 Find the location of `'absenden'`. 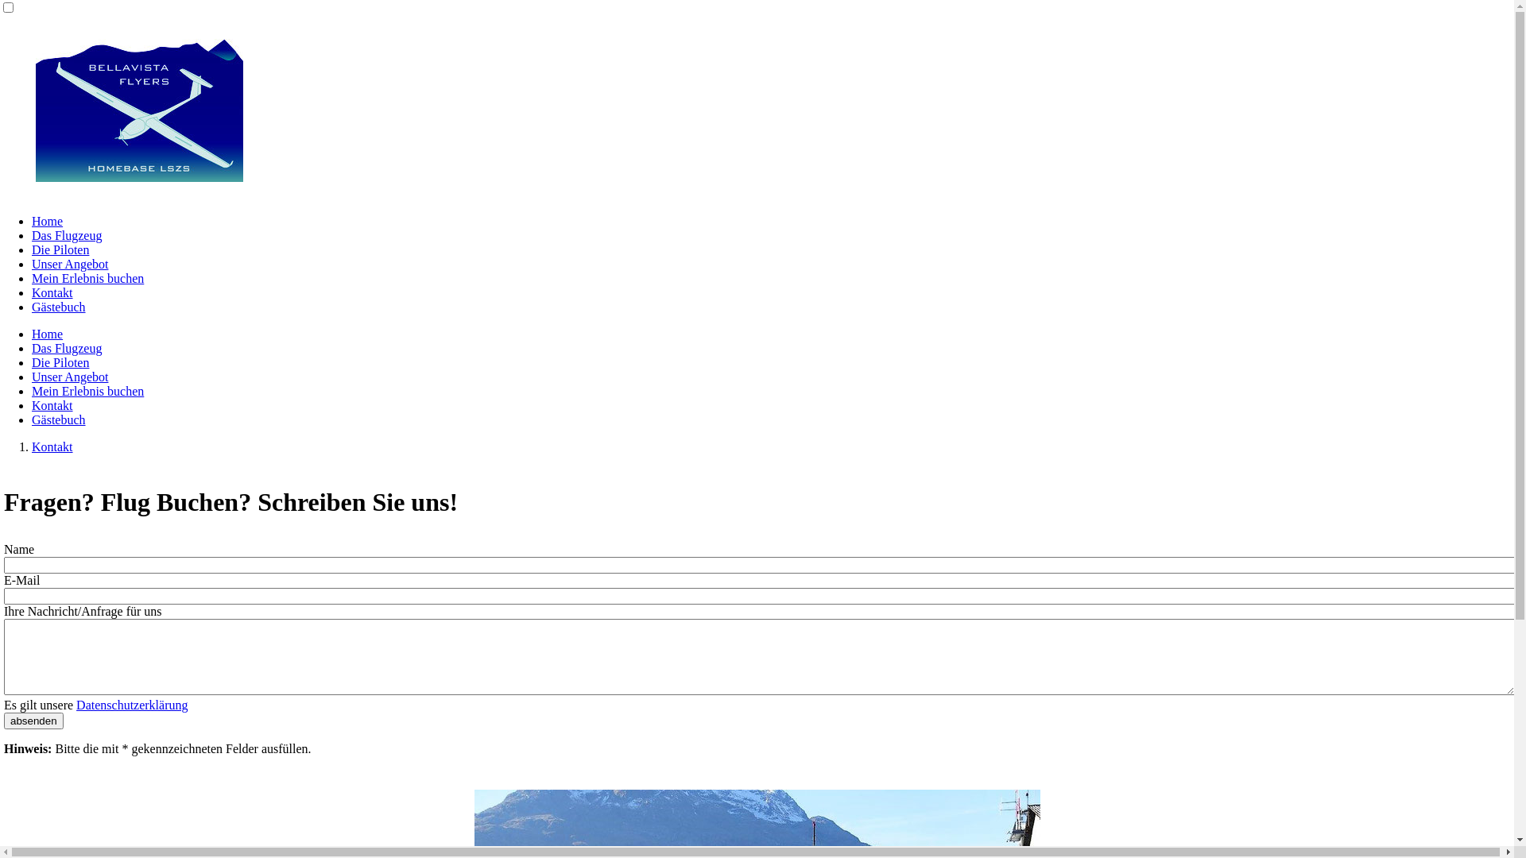

'absenden' is located at coordinates (33, 721).